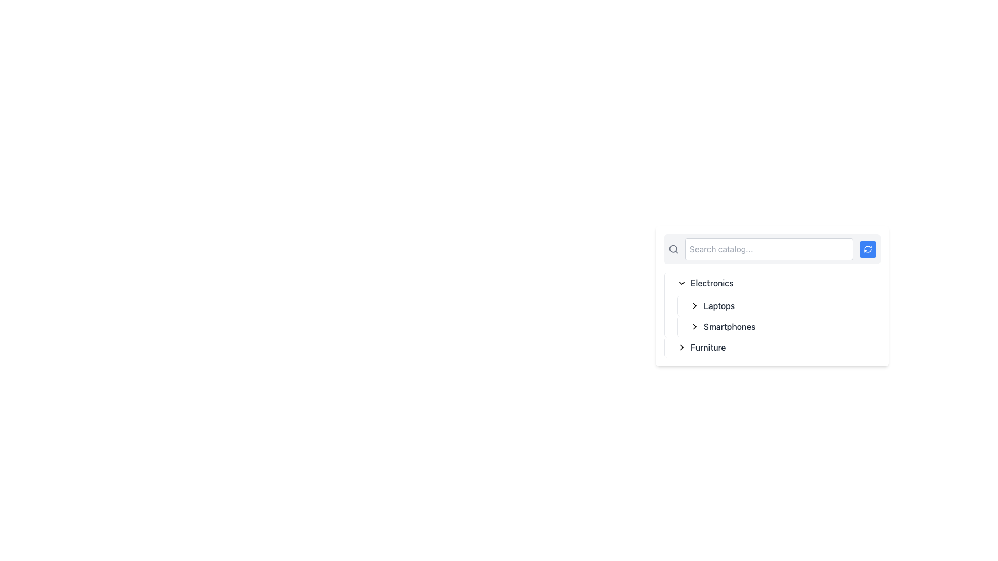 The height and width of the screenshot is (561, 998). Describe the element at coordinates (783, 305) in the screenshot. I see `the collapsible menu item under the 'Electronics' category` at that location.